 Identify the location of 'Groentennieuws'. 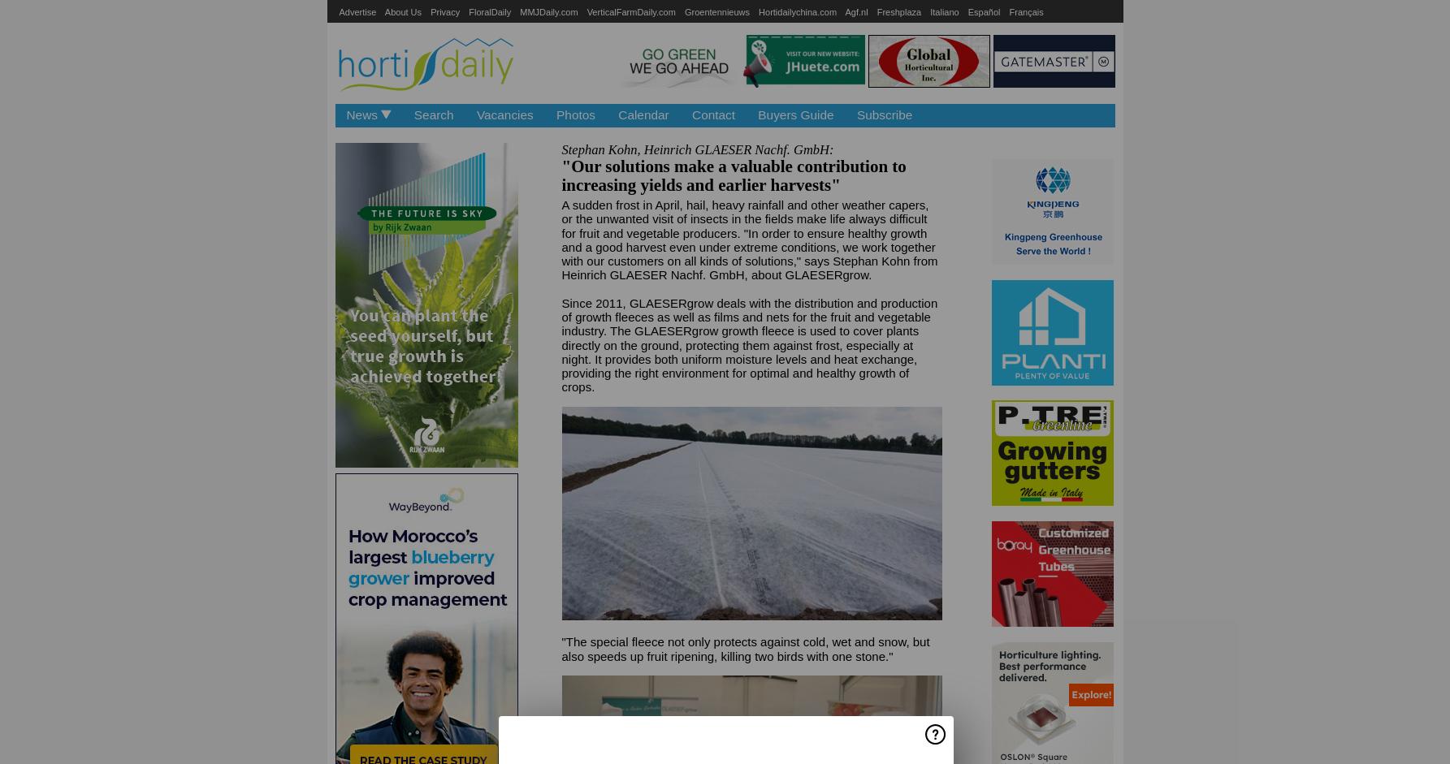
(716, 11).